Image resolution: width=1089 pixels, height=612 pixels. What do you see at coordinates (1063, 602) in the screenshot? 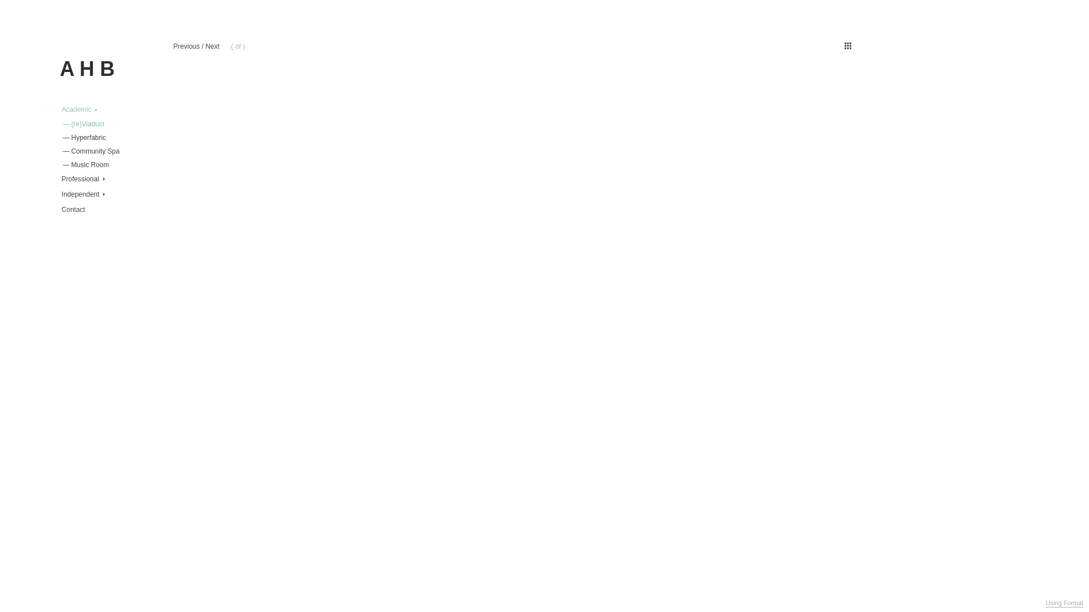
I see `'Using Format'` at bounding box center [1063, 602].